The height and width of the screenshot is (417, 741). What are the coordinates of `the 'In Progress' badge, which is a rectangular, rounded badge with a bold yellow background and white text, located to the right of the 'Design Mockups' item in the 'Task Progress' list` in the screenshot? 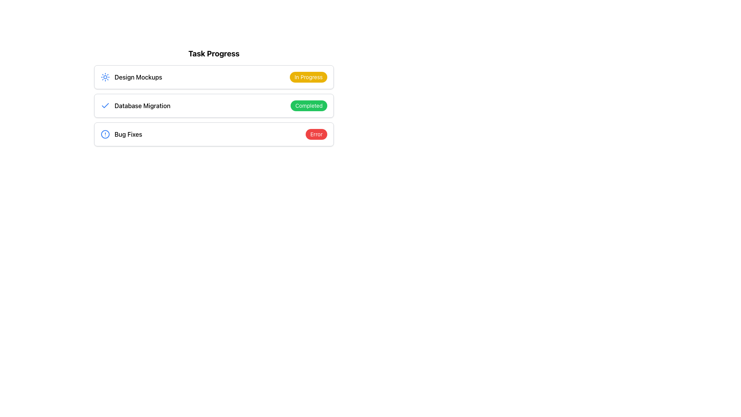 It's located at (308, 77).